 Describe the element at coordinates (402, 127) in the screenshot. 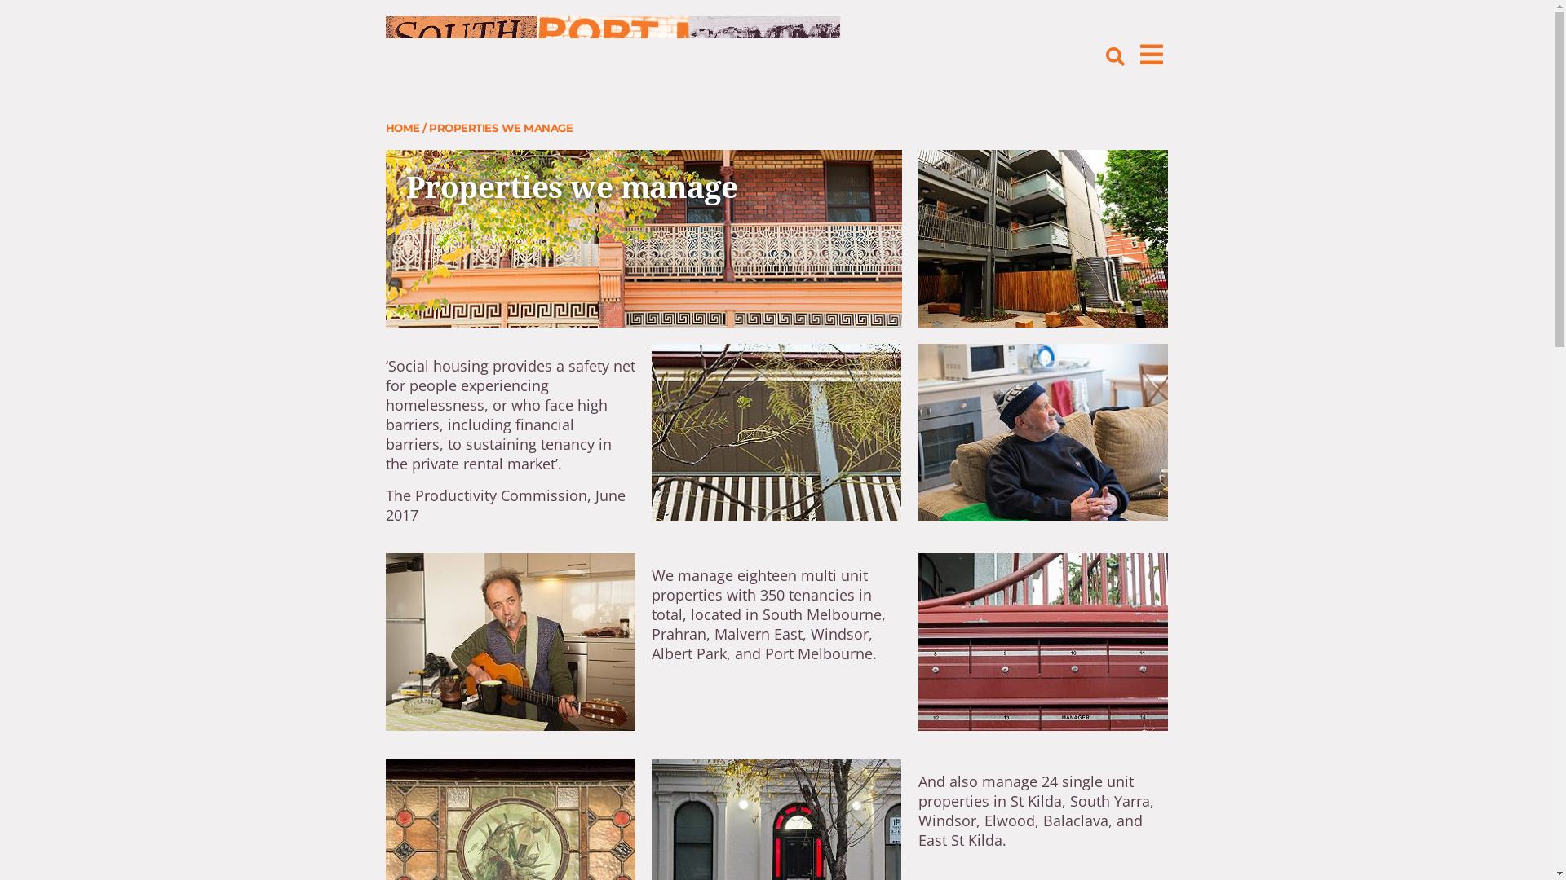

I see `'HOME'` at that location.